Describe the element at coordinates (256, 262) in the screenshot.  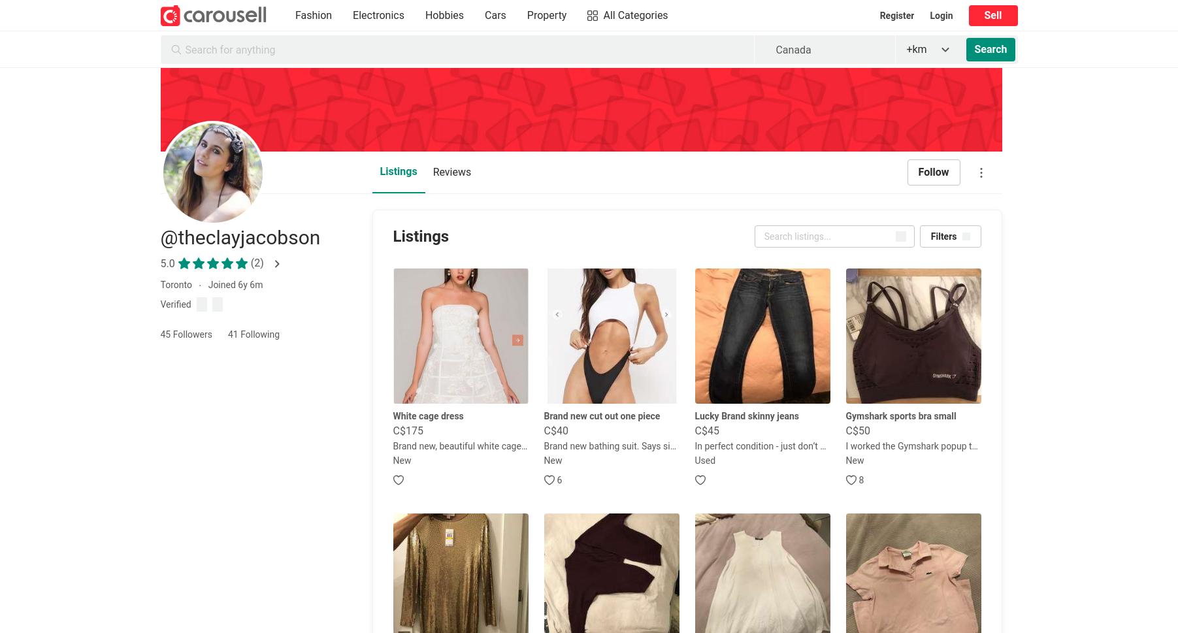
I see `'(2)'` at that location.